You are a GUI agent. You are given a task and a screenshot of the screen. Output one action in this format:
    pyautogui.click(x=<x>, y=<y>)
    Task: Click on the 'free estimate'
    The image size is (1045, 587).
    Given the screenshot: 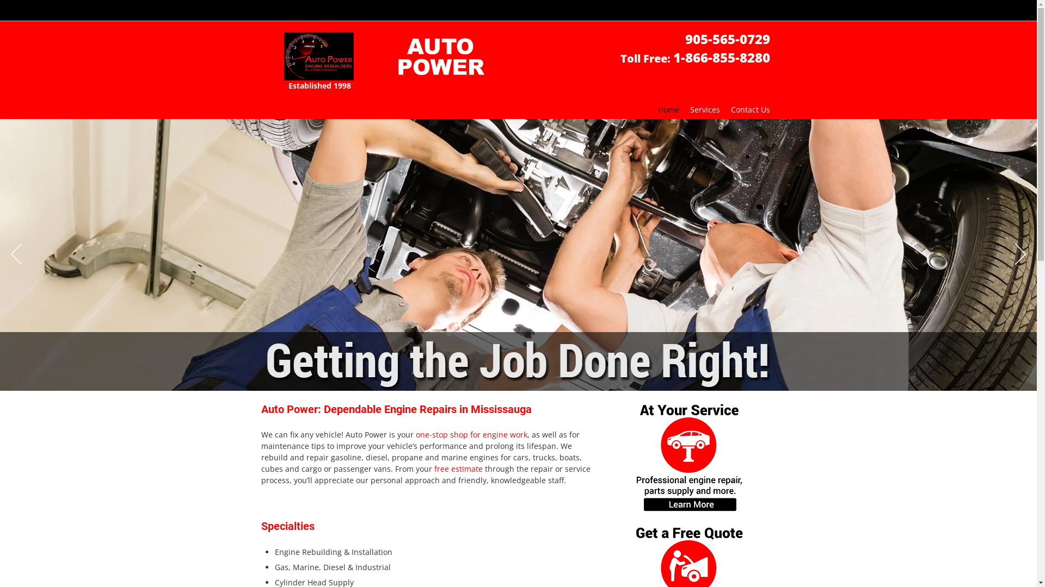 What is the action you would take?
    pyautogui.click(x=433, y=469)
    